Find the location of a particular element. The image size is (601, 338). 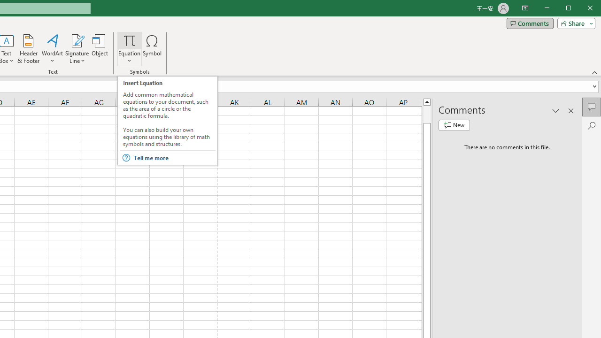

'WordArt' is located at coordinates (52, 49).